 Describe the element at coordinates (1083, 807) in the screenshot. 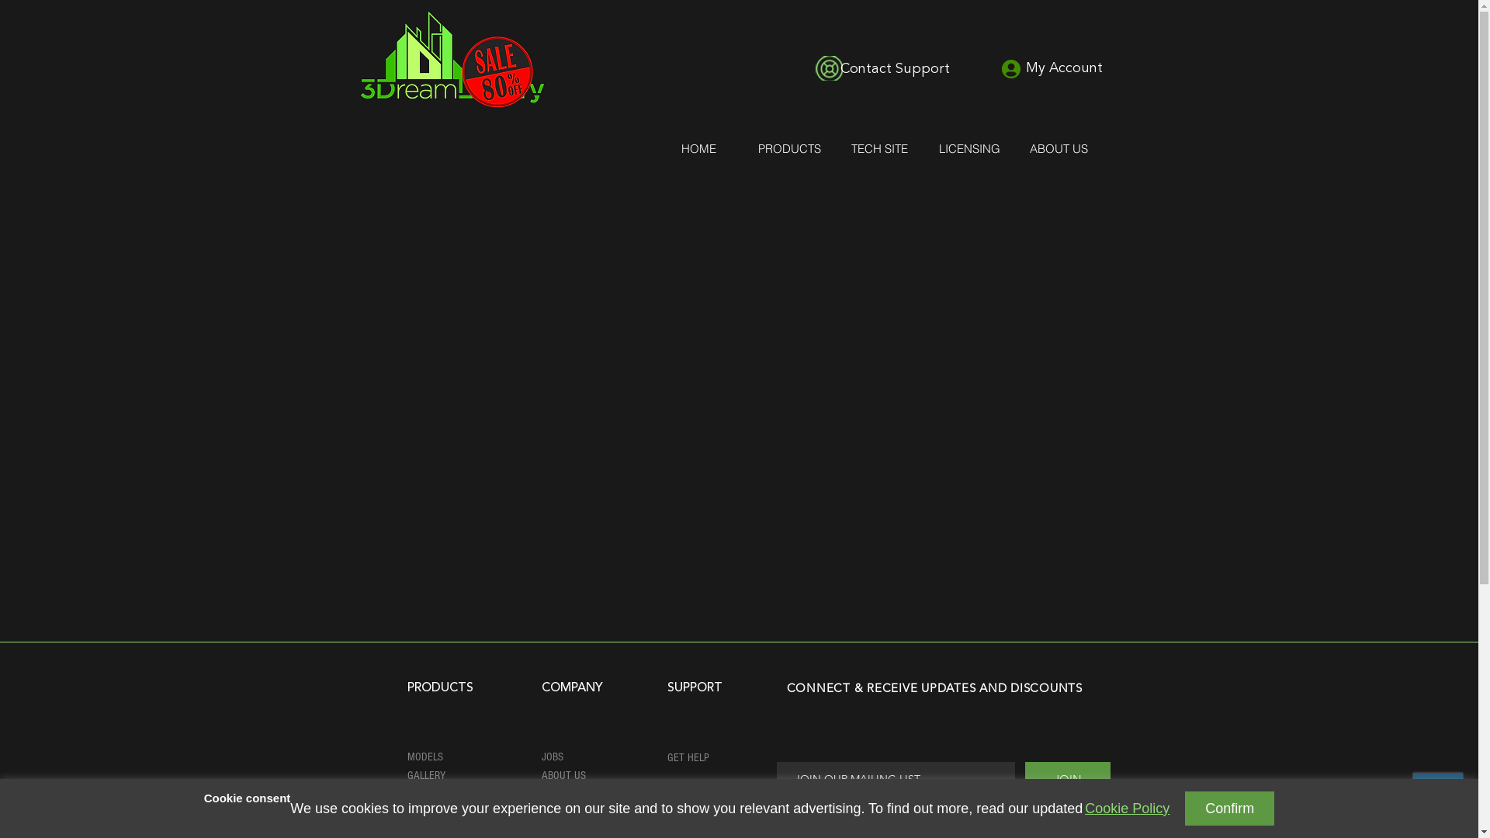

I see `'Cookie Policy'` at that location.